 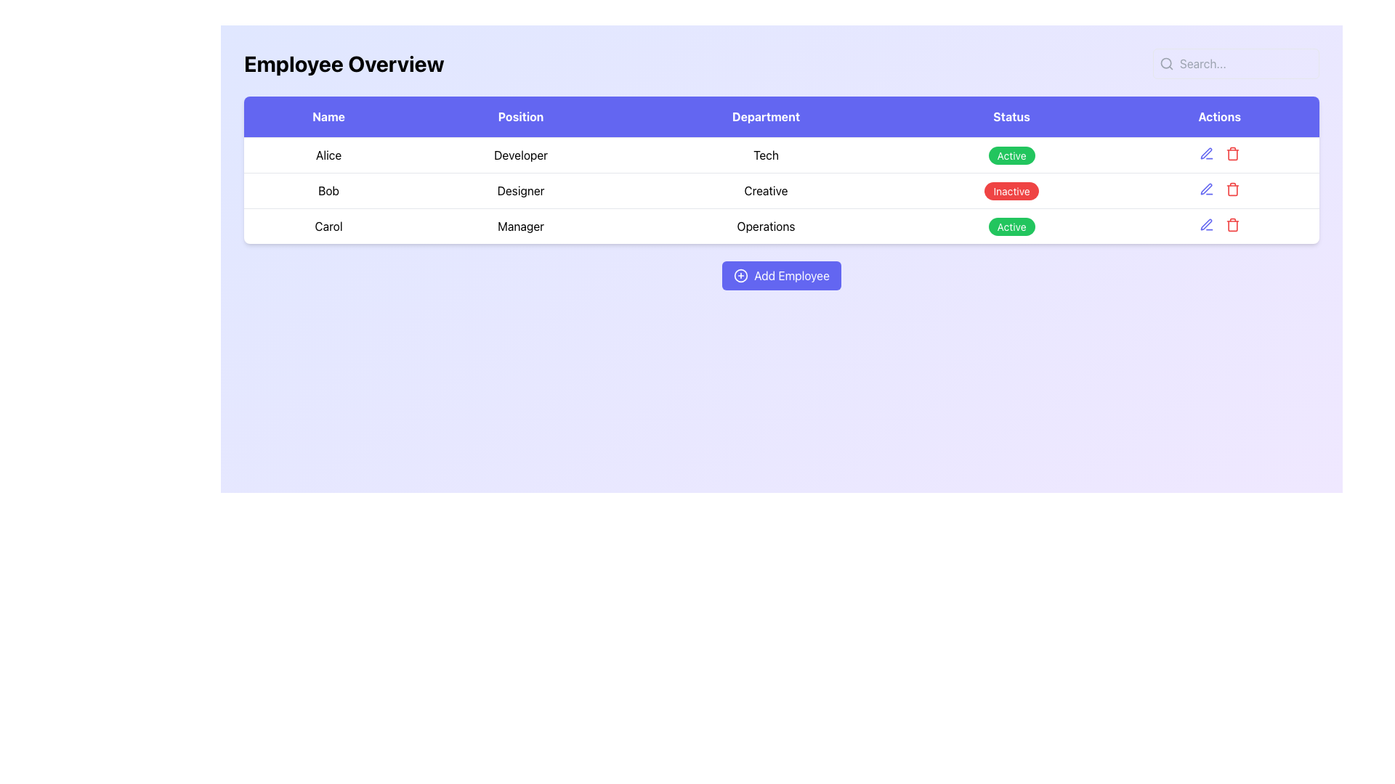 What do you see at coordinates (1235, 63) in the screenshot?
I see `the search bar input field located in the top-right corner, styled with a subtle border and rounded corners` at bounding box center [1235, 63].